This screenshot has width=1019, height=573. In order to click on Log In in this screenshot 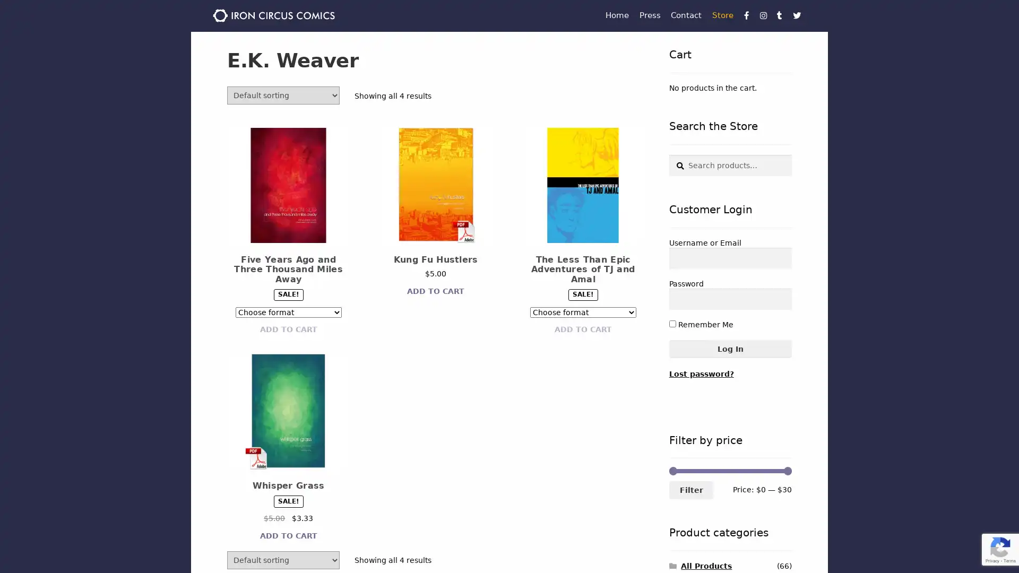, I will do `click(729, 349)`.